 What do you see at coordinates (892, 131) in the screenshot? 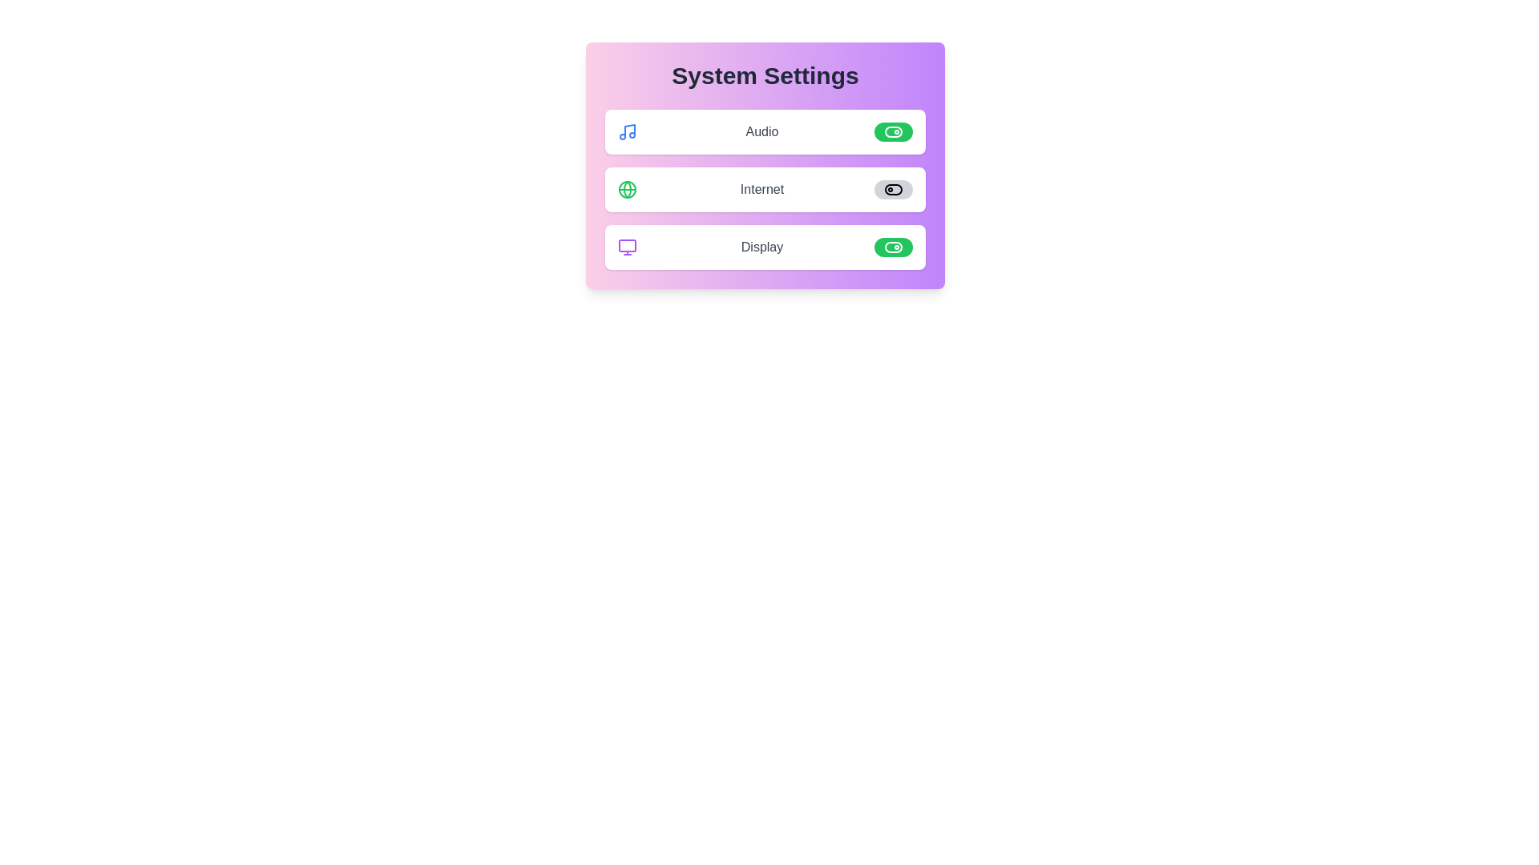
I see `the toggle switch located to the right of the 'Audio' label in the top row of the 'System Settings' card` at bounding box center [892, 131].